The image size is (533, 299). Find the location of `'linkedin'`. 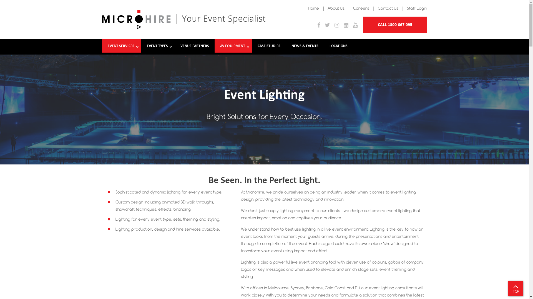

'linkedin' is located at coordinates (346, 25).